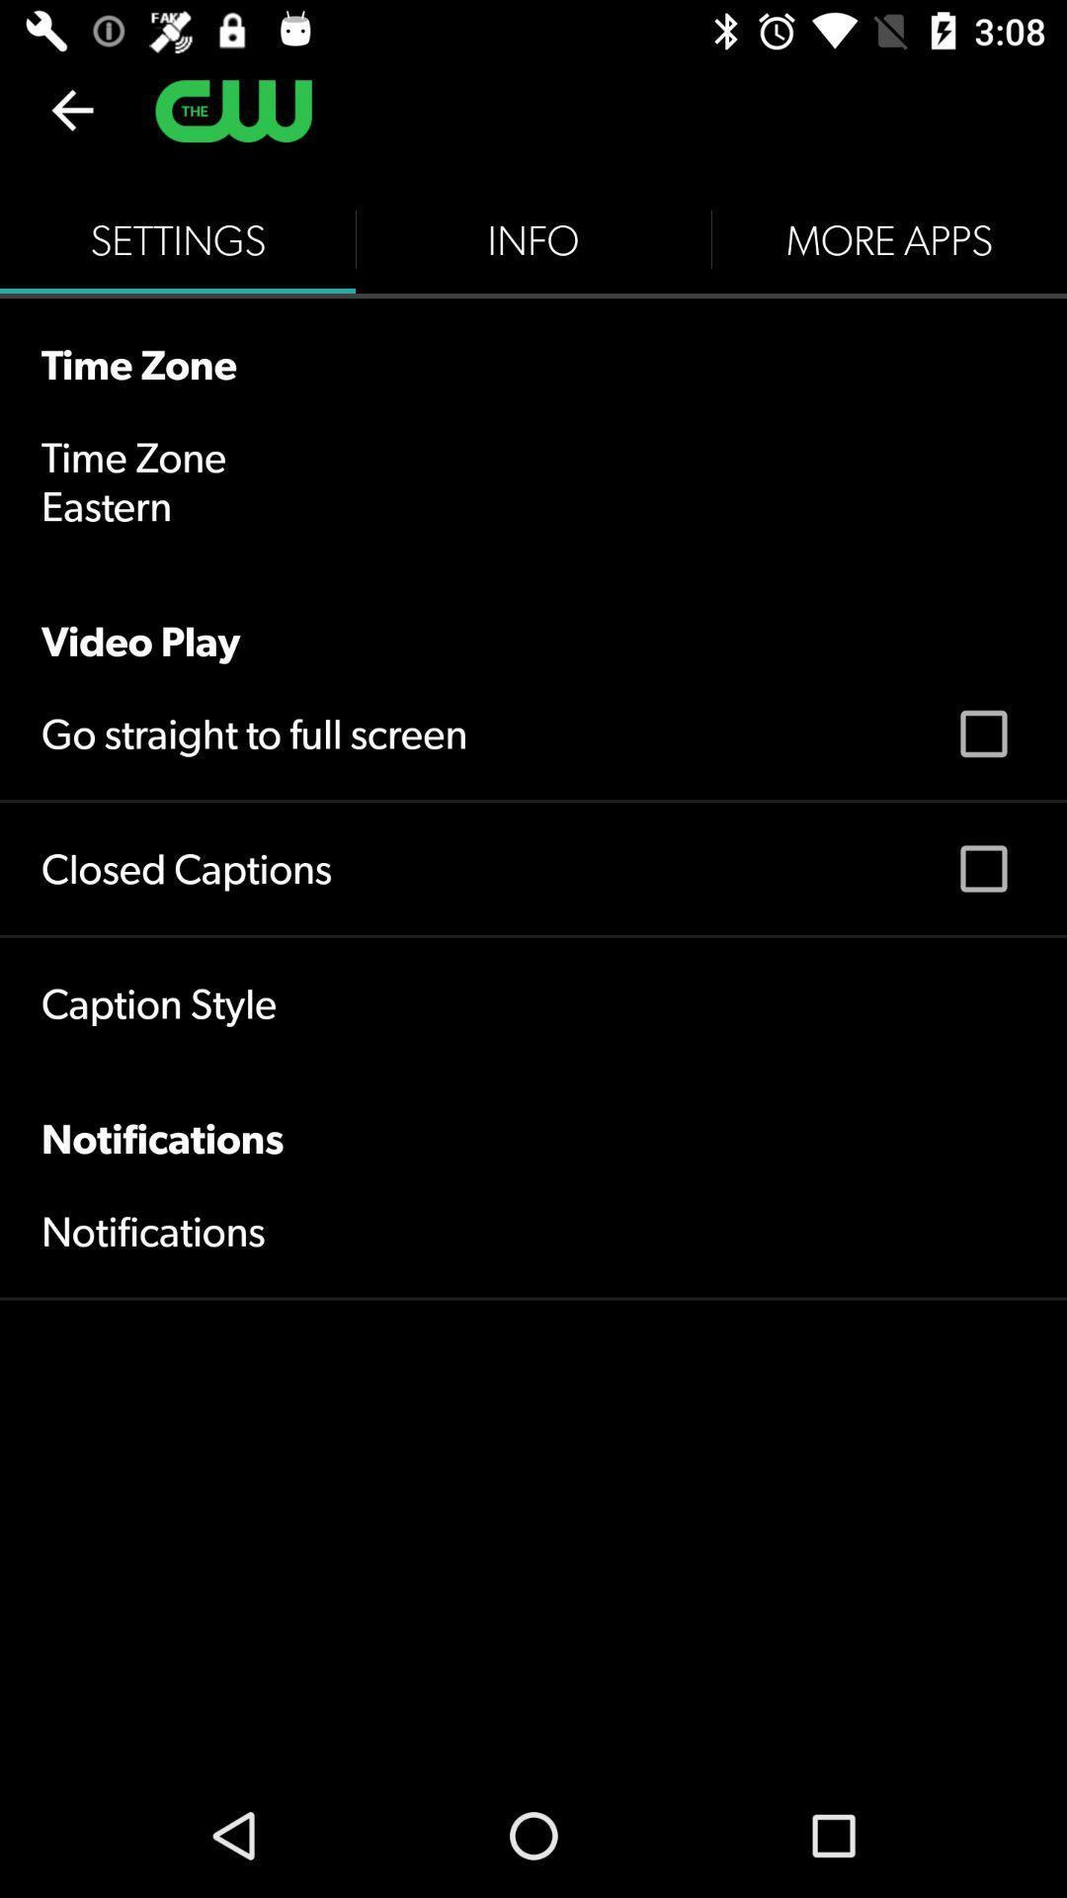  What do you see at coordinates (178, 239) in the screenshot?
I see `the icon above time zone icon` at bounding box center [178, 239].